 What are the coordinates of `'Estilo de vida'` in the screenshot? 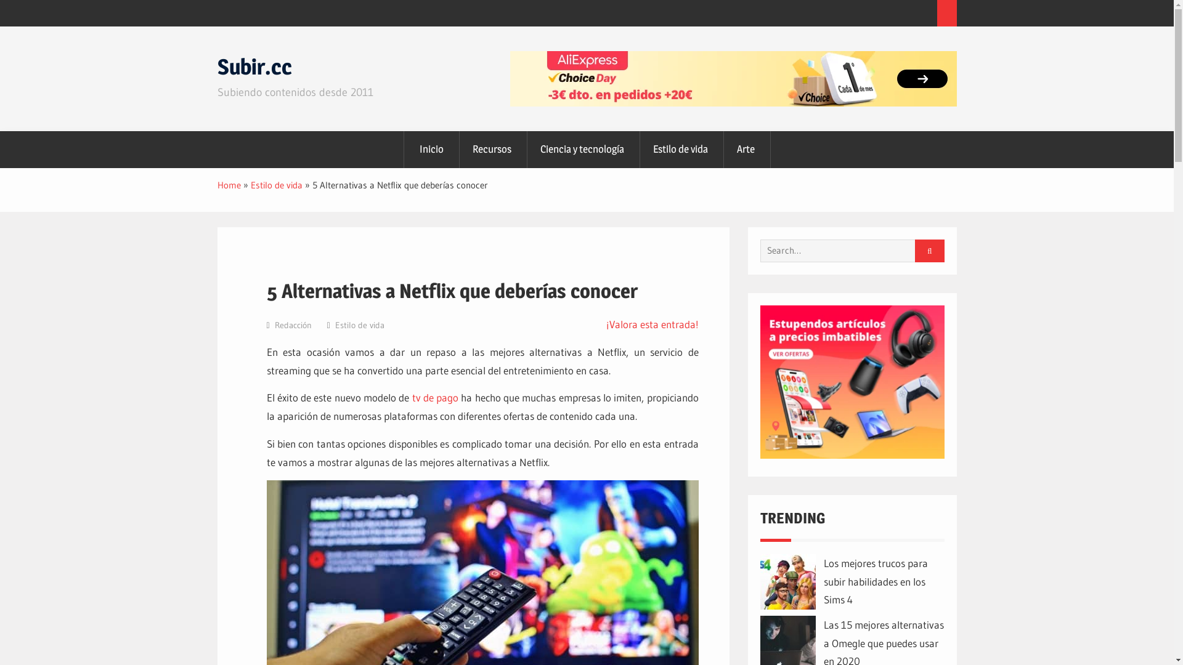 It's located at (636, 149).